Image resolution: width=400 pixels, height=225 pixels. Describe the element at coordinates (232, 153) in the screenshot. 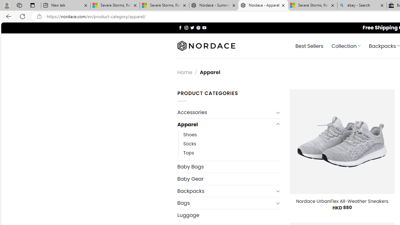

I see `'Tops'` at that location.